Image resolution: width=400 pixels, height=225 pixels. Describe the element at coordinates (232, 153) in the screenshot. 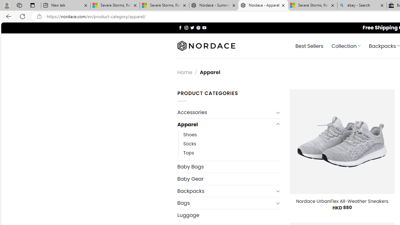

I see `'Tops'` at that location.